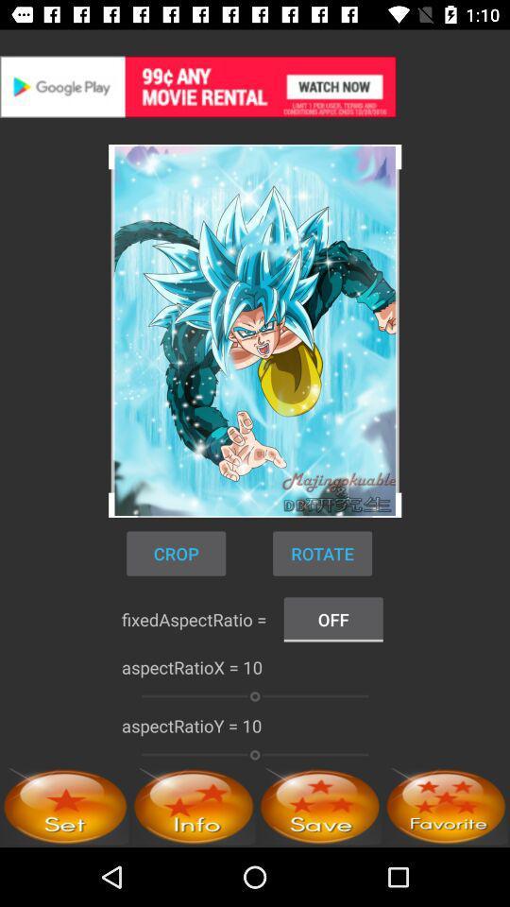  What do you see at coordinates (319, 805) in the screenshot?
I see `button` at bounding box center [319, 805].